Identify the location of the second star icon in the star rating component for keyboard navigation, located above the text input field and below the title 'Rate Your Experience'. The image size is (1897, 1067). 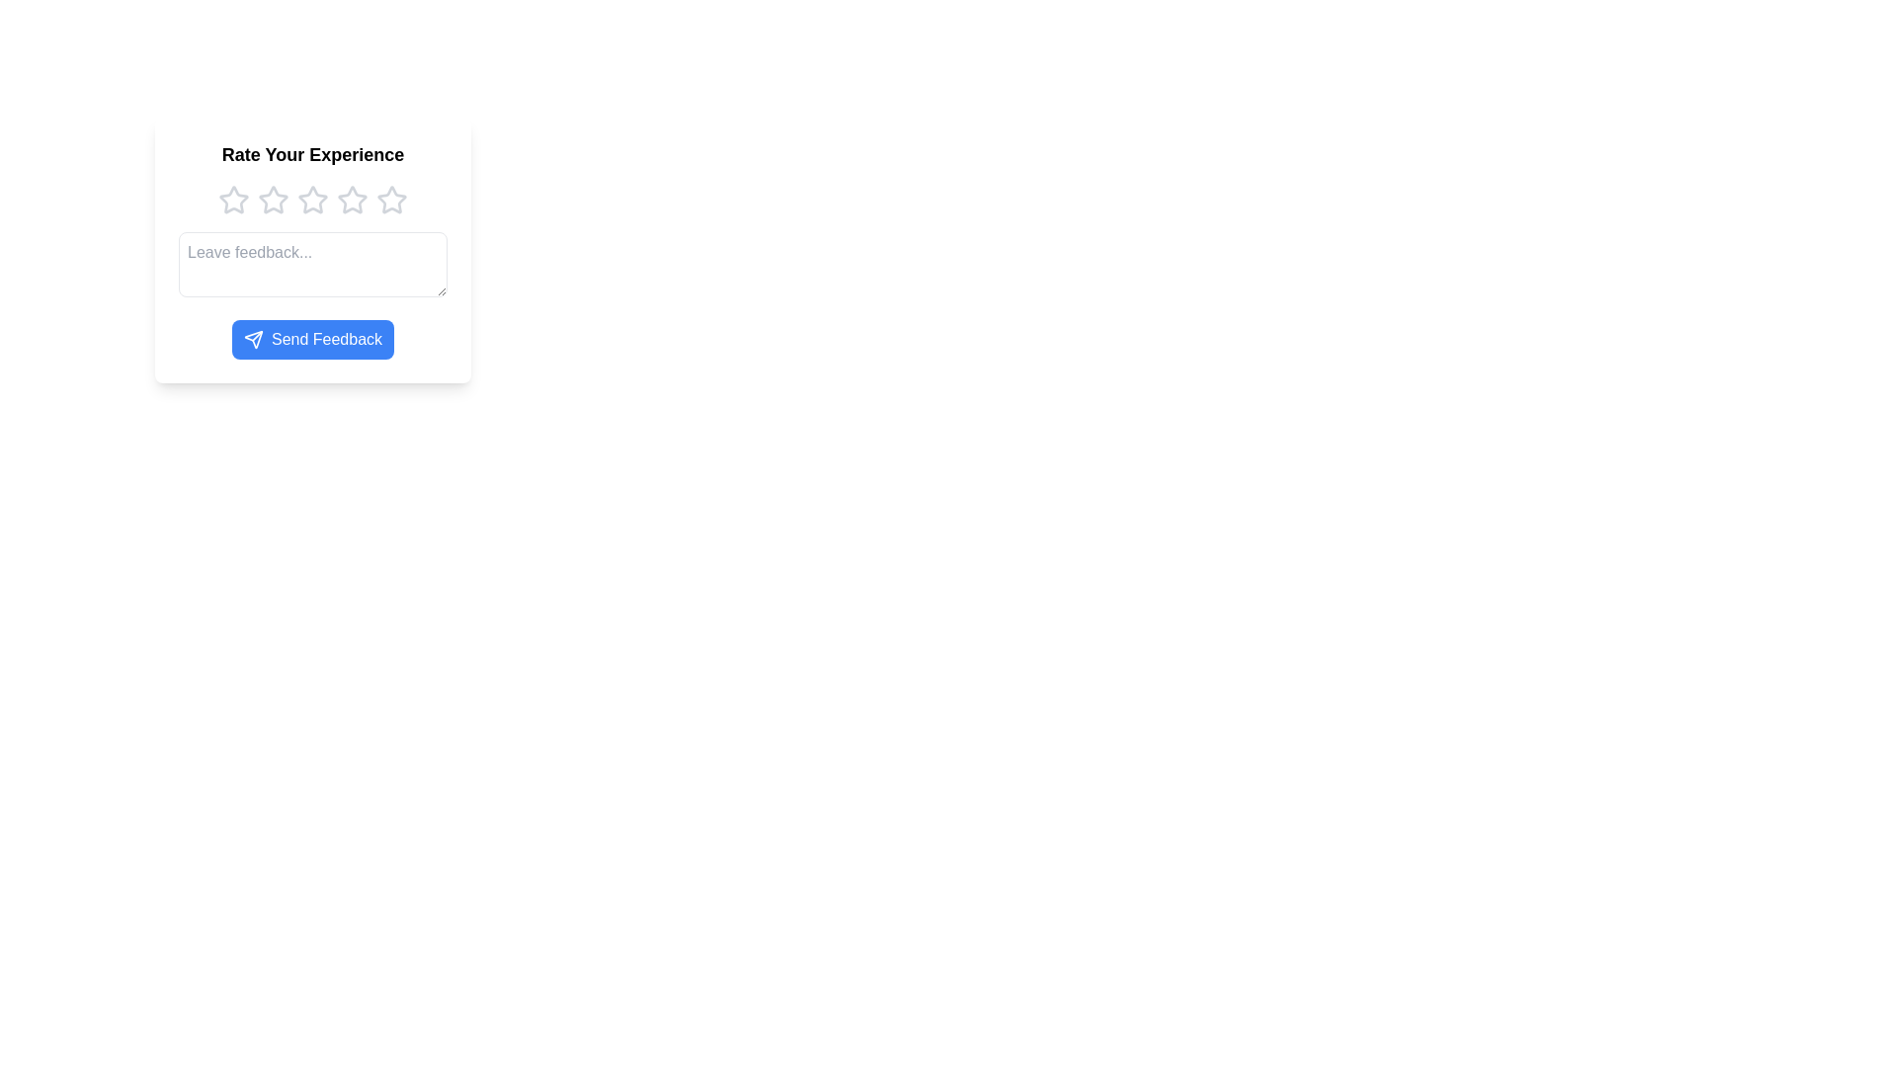
(311, 200).